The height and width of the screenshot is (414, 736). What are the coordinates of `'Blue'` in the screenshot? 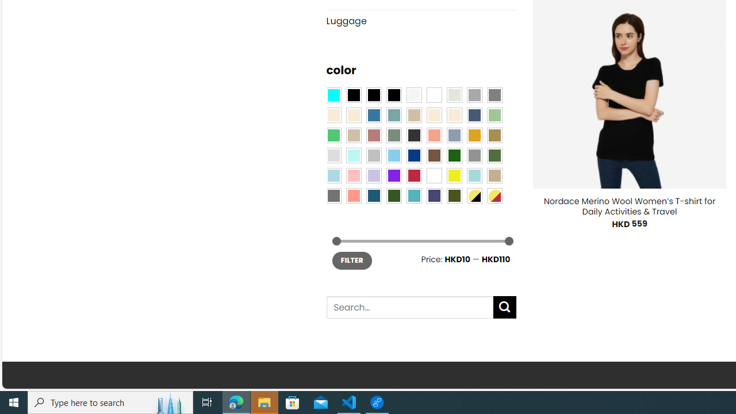 It's located at (374, 115).